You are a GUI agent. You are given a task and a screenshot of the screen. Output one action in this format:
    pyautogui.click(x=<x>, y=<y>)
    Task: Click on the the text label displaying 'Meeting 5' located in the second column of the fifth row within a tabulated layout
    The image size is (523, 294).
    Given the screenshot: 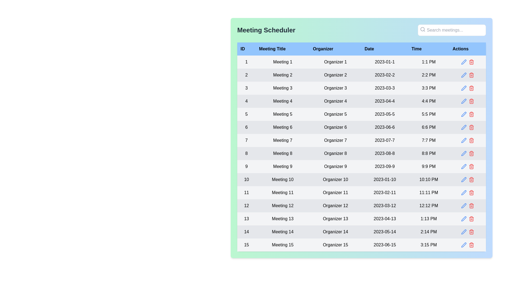 What is the action you would take?
    pyautogui.click(x=282, y=114)
    